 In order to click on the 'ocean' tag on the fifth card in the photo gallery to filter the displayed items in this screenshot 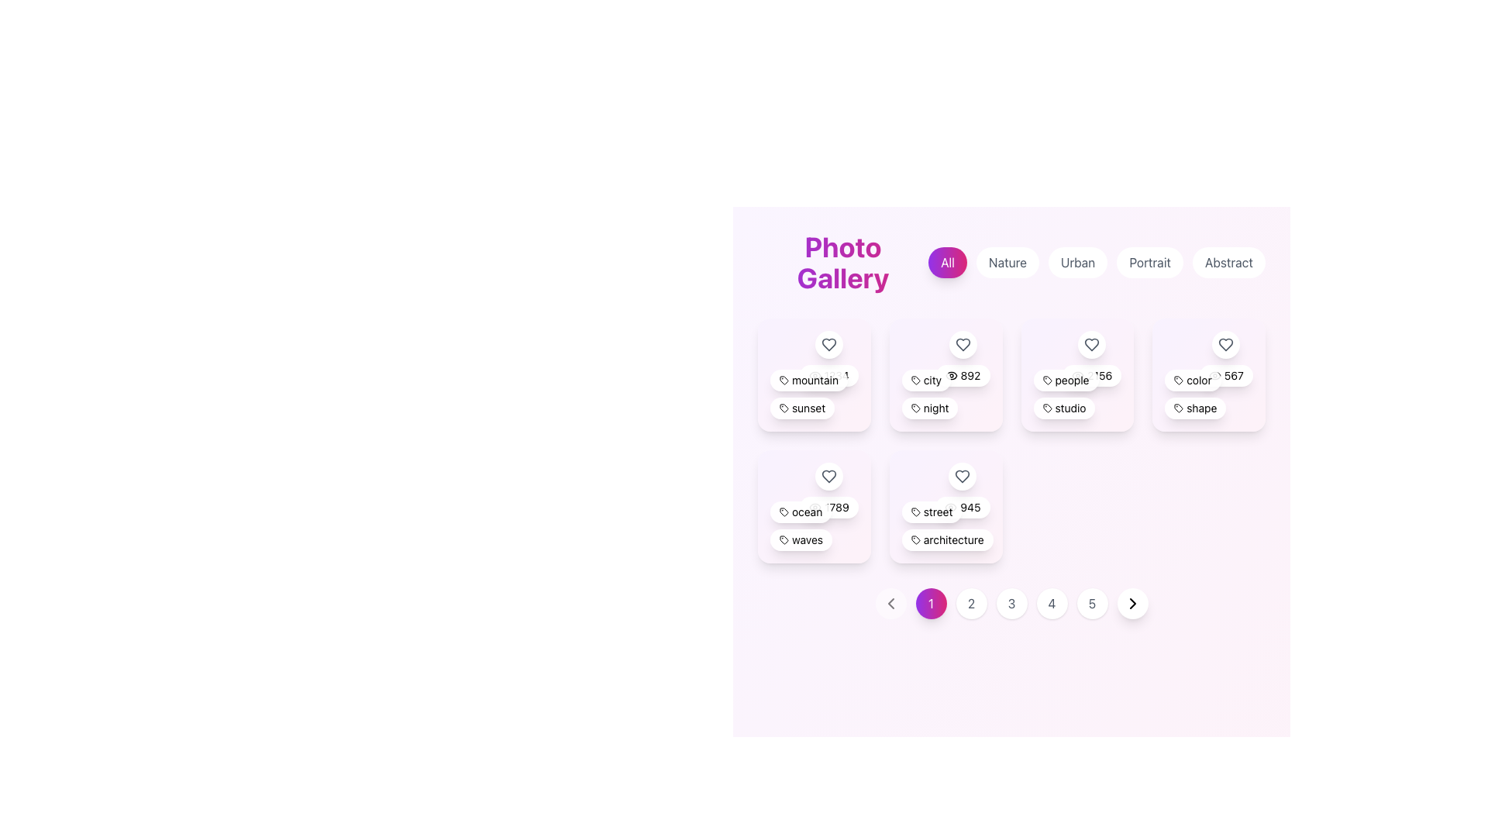, I will do `click(813, 506)`.